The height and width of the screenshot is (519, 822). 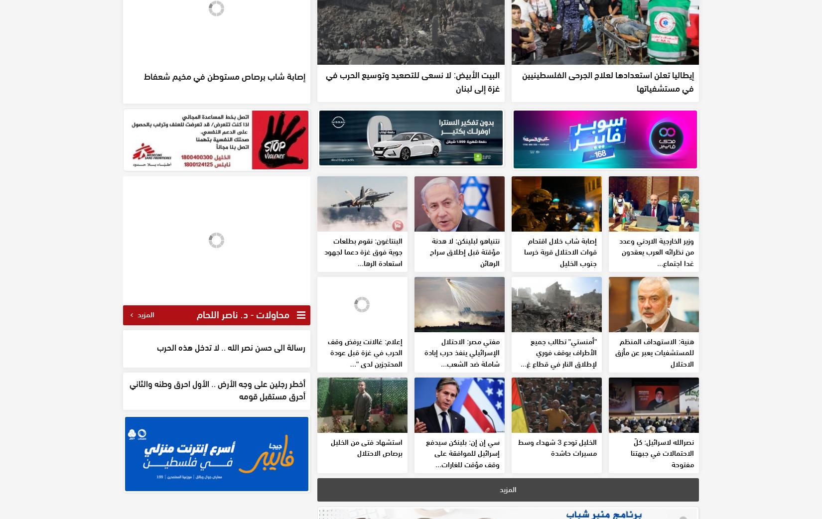 I want to click on '"أمنستي" تطالب جميع الأطراف بوقف فوري لإطلاق النار في قطاع غ...', so click(x=558, y=424).